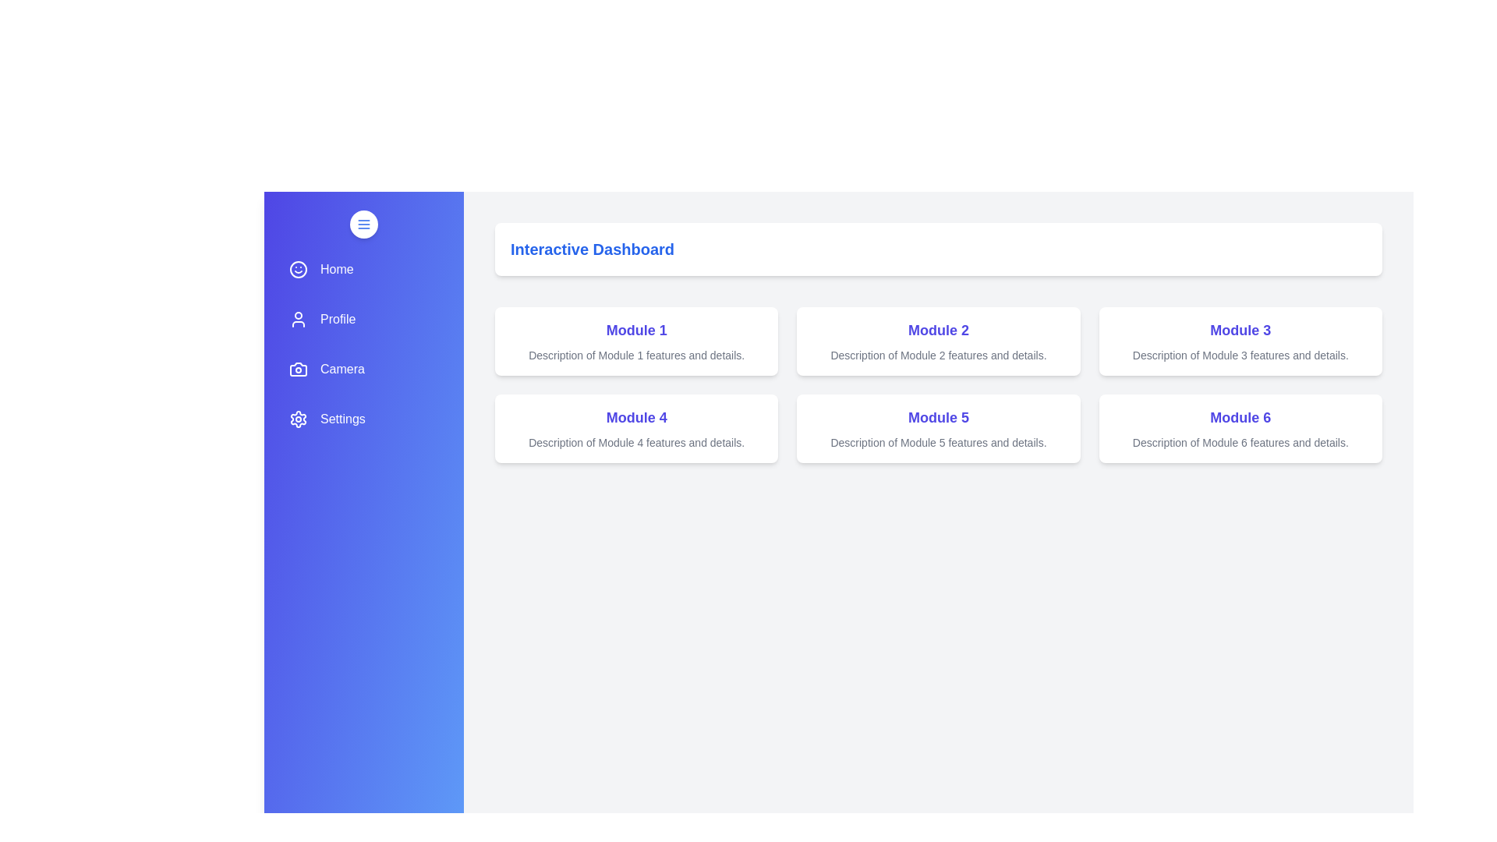  Describe the element at coordinates (363, 269) in the screenshot. I see `the navigation button` at that location.